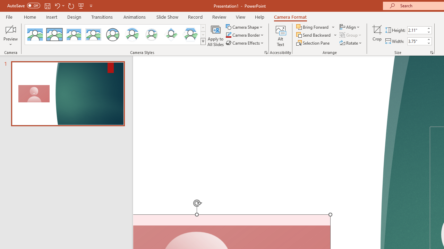  I want to click on 'Format Object...', so click(265, 52).